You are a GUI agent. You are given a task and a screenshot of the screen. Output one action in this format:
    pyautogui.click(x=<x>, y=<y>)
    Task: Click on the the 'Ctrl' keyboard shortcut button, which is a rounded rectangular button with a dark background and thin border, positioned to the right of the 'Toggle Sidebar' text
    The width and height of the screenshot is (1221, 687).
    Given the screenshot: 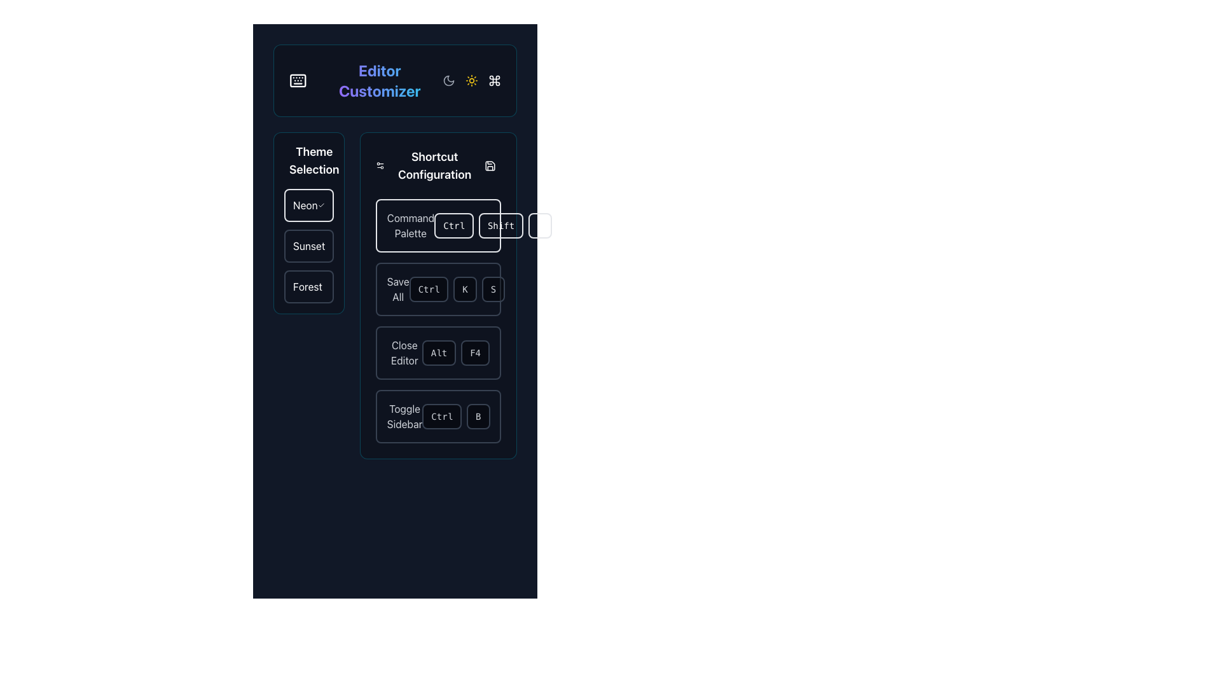 What is the action you would take?
    pyautogui.click(x=456, y=417)
    